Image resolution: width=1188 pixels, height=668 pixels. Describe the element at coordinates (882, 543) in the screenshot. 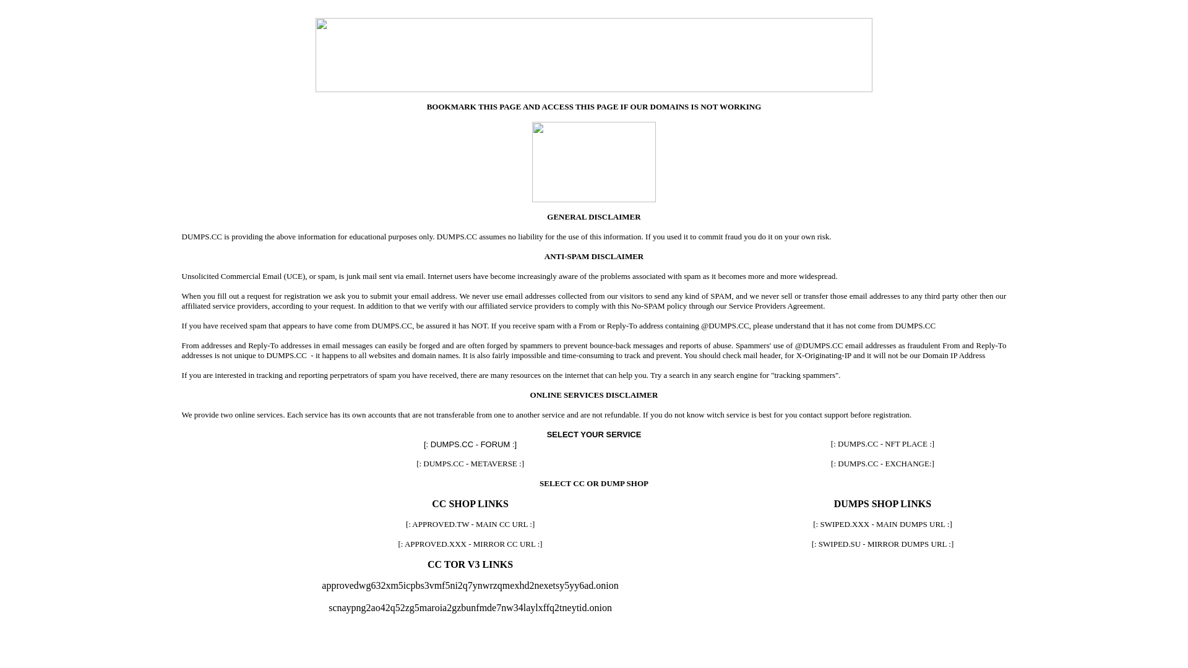

I see `'[: SWIPED.SU - MIRROR DUMPS URL :]'` at that location.